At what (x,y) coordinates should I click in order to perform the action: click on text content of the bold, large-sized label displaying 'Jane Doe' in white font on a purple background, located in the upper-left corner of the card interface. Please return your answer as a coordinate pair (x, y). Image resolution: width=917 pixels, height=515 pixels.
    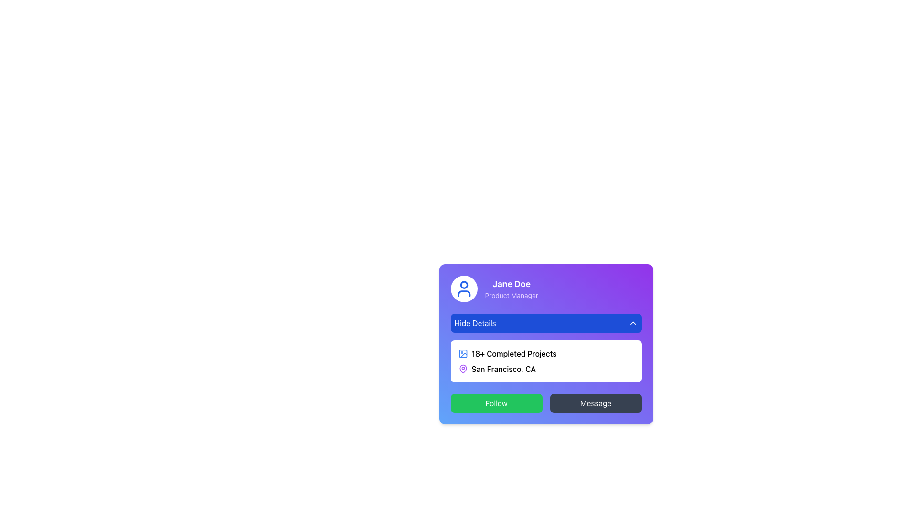
    Looking at the image, I should click on (511, 284).